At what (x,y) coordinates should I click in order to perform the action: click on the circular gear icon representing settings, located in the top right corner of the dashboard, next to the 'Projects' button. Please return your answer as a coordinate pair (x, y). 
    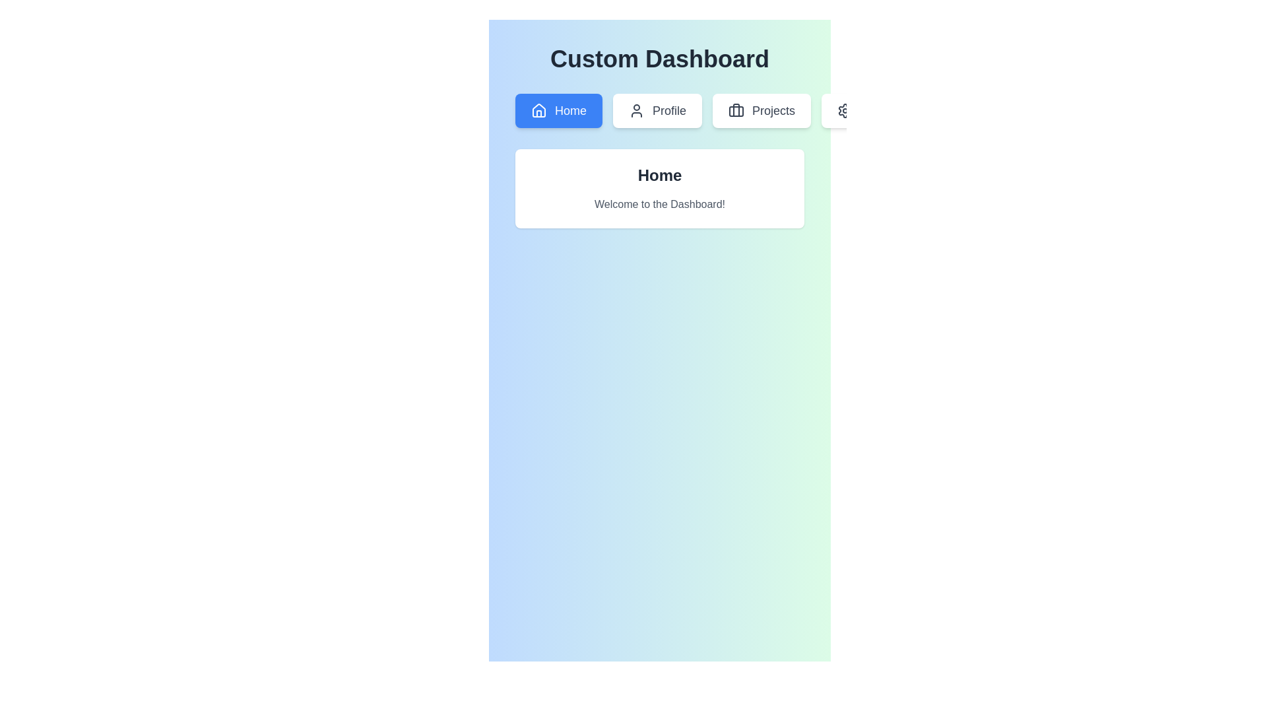
    Looking at the image, I should click on (845, 110).